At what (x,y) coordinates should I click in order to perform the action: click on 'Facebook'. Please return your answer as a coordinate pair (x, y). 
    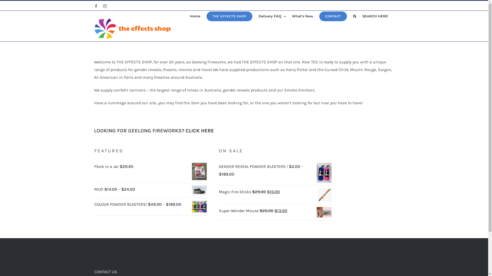
    Looking at the image, I should click on (94, 6).